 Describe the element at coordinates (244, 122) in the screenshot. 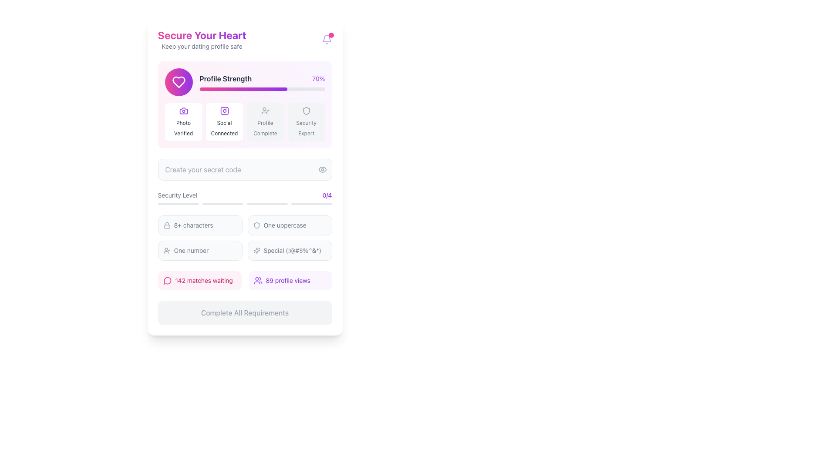

I see `the information in the 'Social Connected' text field, which is the second section in a grid layout of four sections, highlighted and labeled accordingly` at that location.